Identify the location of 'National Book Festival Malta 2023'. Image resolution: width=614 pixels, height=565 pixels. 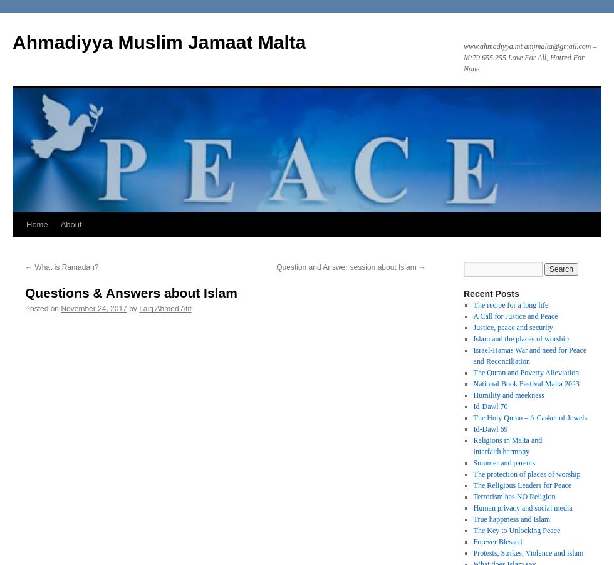
(526, 383).